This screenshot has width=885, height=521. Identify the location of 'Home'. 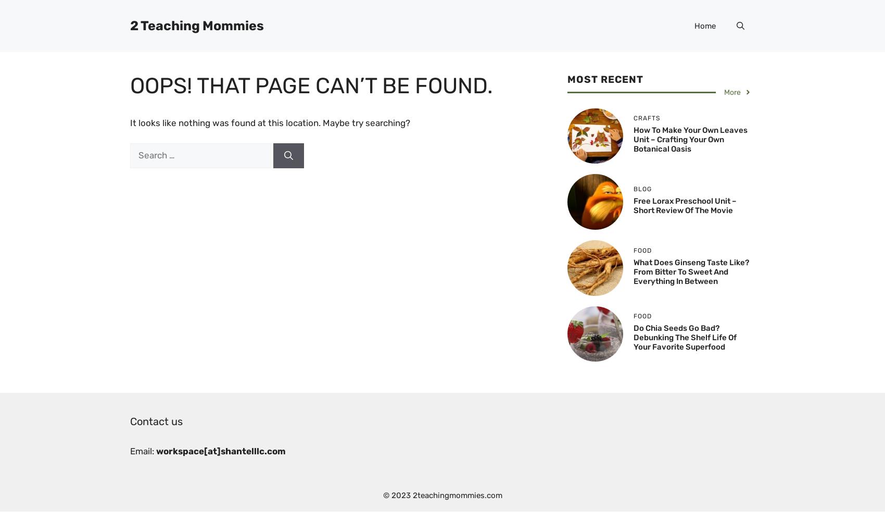
(705, 26).